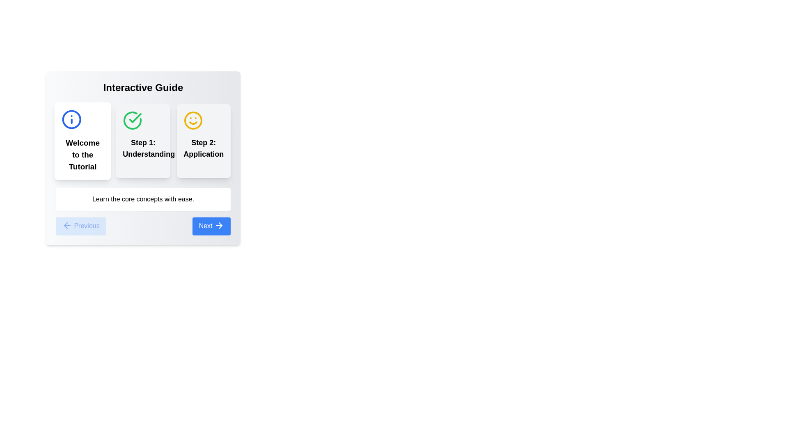 This screenshot has height=443, width=788. I want to click on the step card labeled 'Welcome to the Tutorial', so click(82, 140).